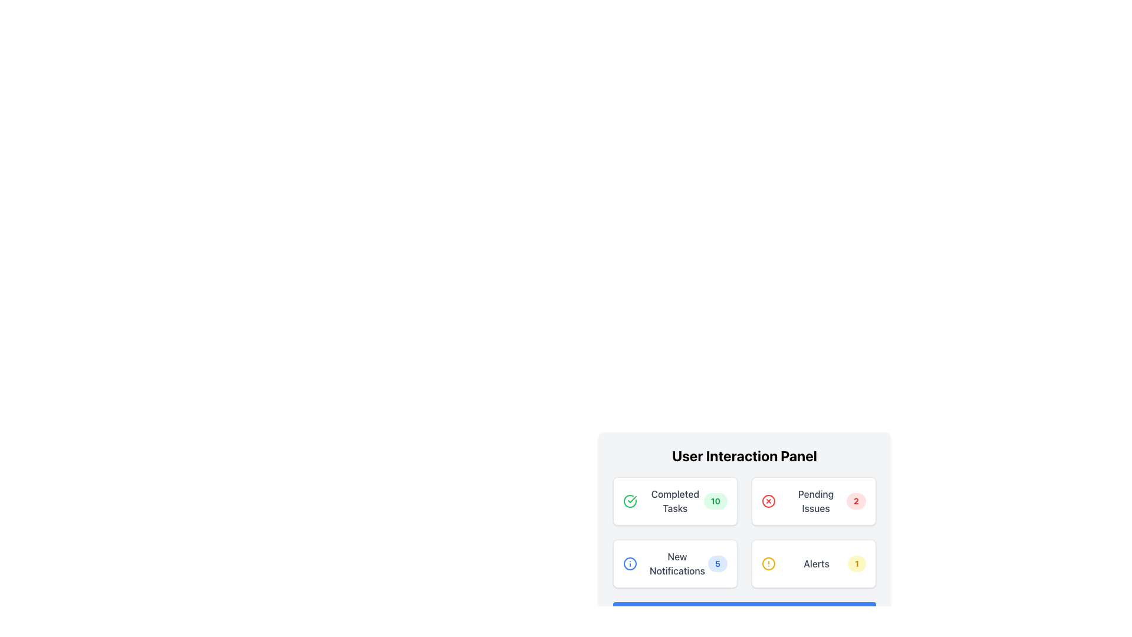  Describe the element at coordinates (815, 501) in the screenshot. I see `the 'Pending Issues' text label, which is centrally positioned within a card with rounded borders in the bottom-right quadrant of the interface` at that location.